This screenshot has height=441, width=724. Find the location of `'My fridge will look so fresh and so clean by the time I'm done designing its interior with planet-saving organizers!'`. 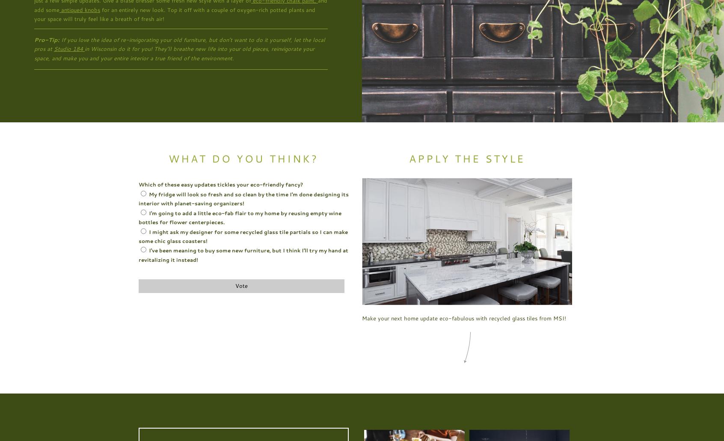

'My fridge will look so fresh and so clean by the time I'm done designing its interior with planet-saving organizers!' is located at coordinates (138, 198).